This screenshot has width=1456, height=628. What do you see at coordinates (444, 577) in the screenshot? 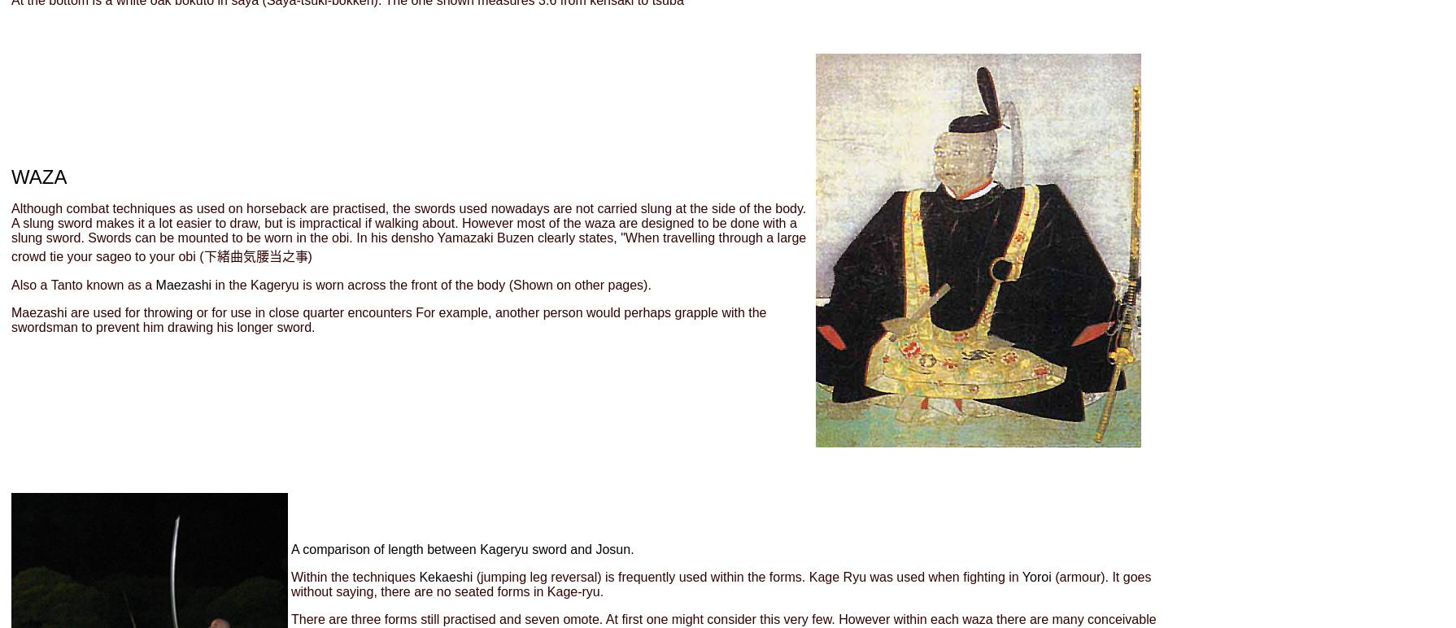
I see `'Kekaeshi'` at bounding box center [444, 577].